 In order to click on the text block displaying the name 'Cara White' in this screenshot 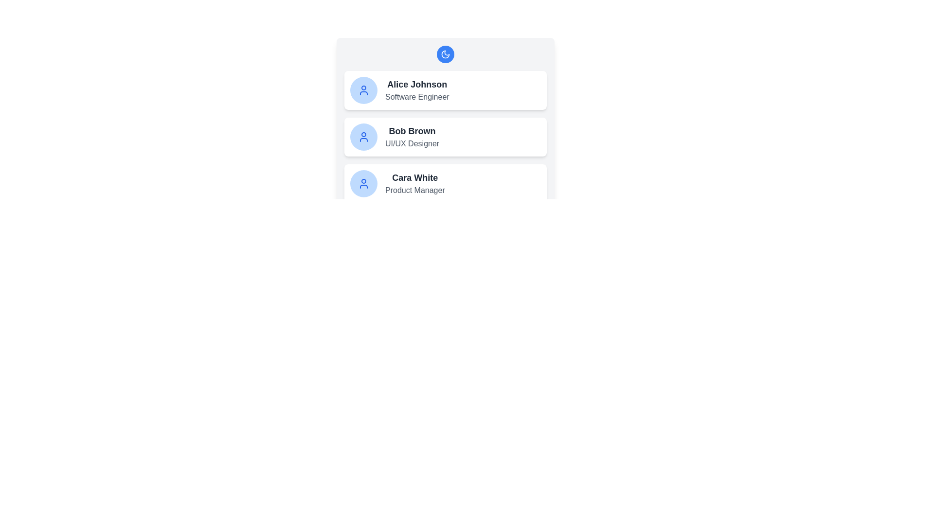, I will do `click(415, 184)`.